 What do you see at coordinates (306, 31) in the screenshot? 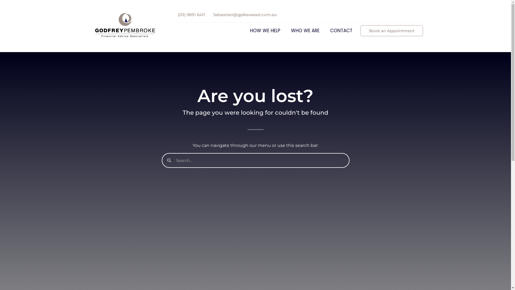
I see `'WHO WE ARE'` at bounding box center [306, 31].